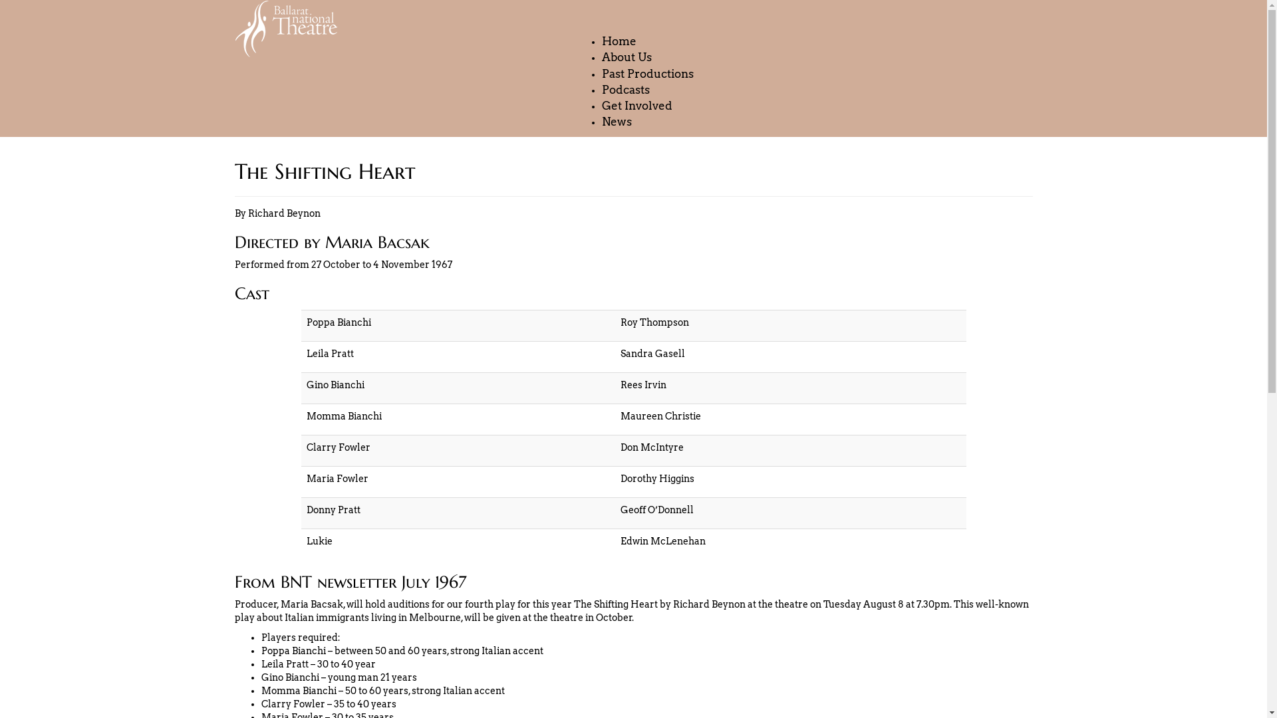 The width and height of the screenshot is (1277, 718). Describe the element at coordinates (619, 41) in the screenshot. I see `'Home'` at that location.